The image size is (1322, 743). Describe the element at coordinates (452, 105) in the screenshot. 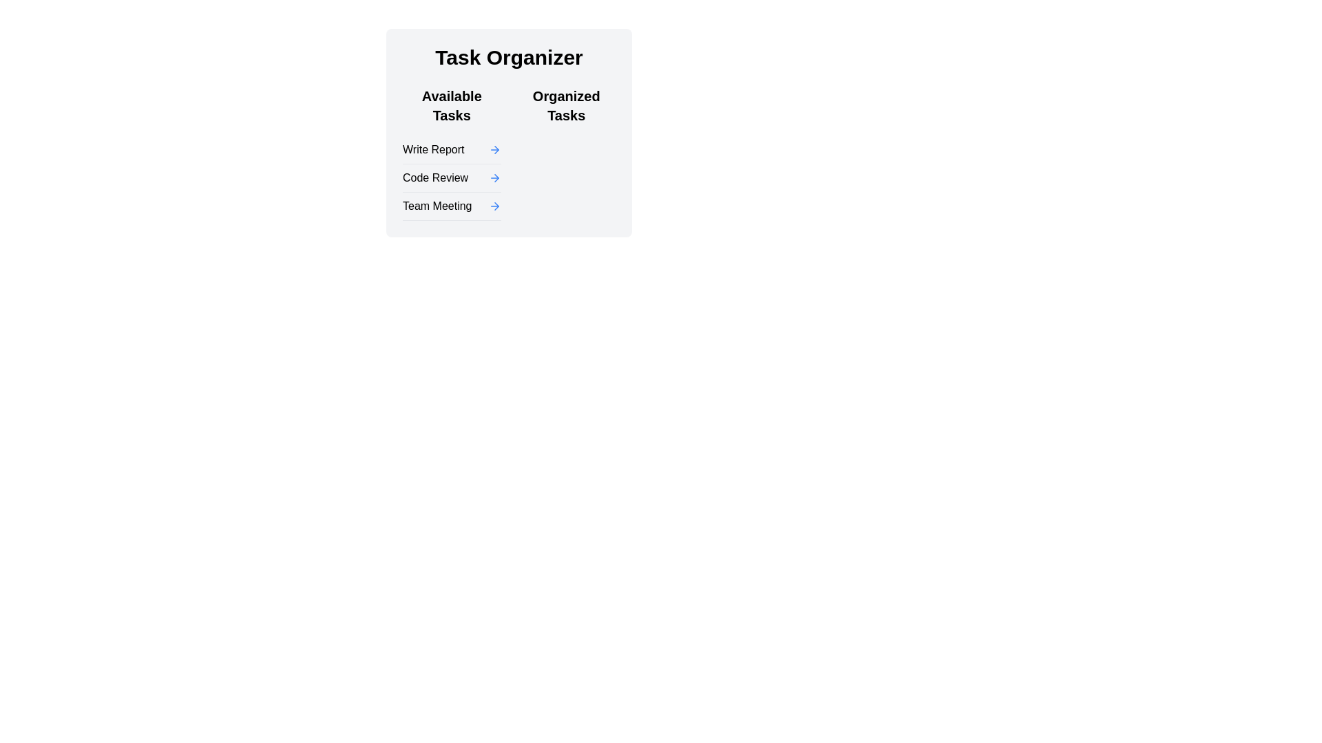

I see `header text element that categorizes the list of tasks as 'Available Tasks', located at the top-left side of the task section` at that location.